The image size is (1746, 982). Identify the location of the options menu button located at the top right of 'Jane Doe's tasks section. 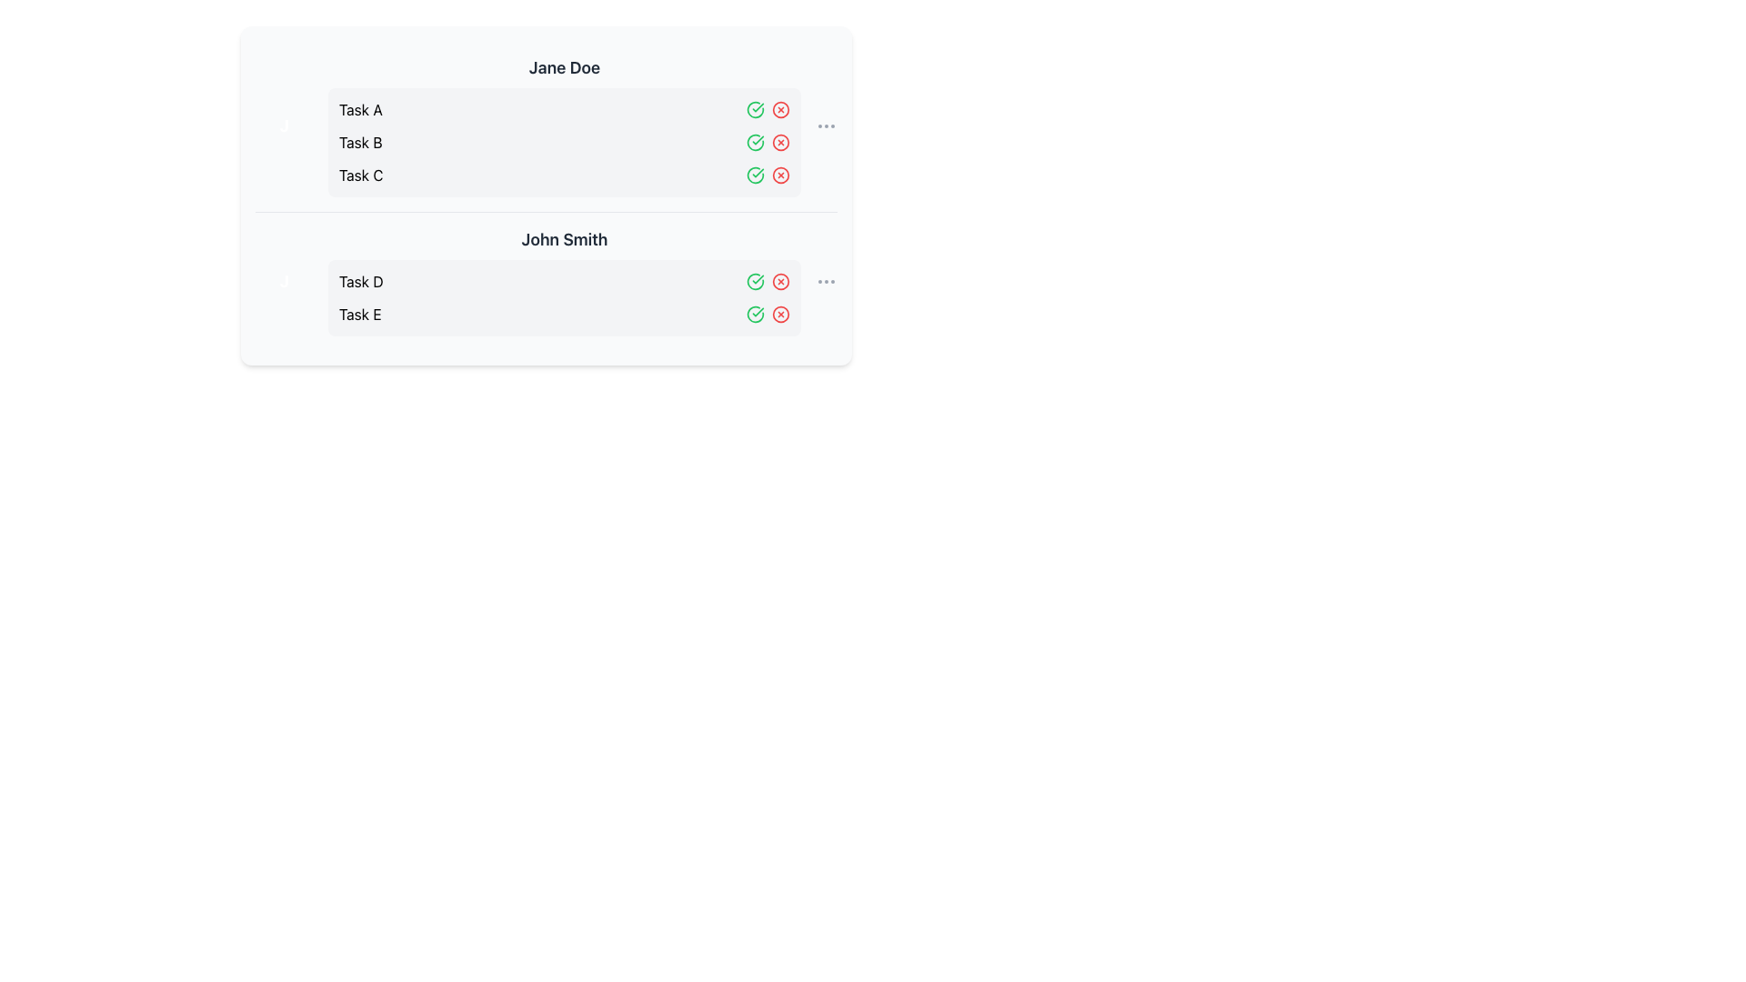
(825, 125).